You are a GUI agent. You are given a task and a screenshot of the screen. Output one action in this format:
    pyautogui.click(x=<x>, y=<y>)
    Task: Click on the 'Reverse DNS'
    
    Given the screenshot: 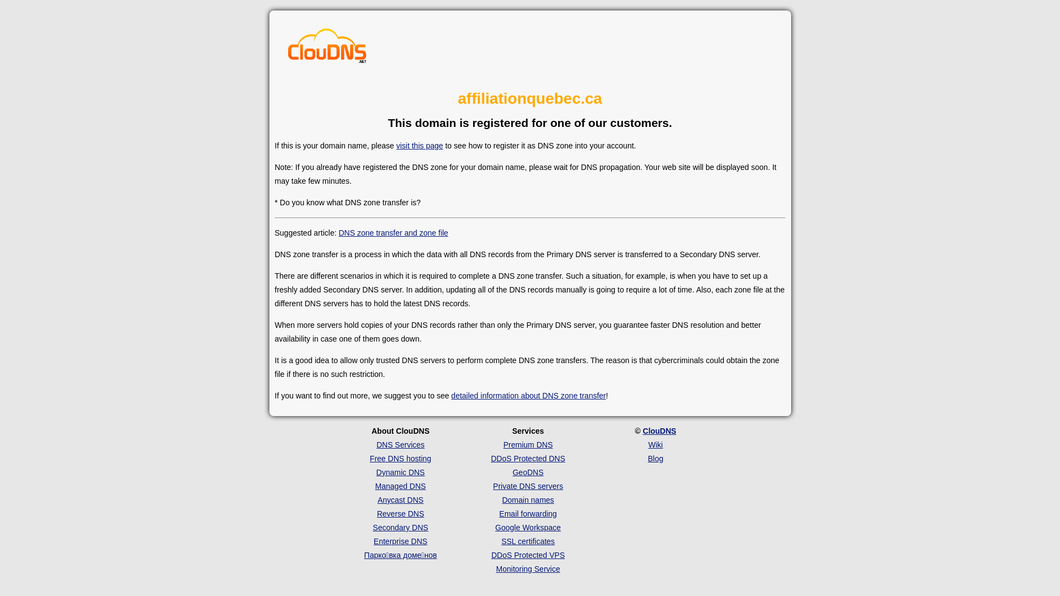 What is the action you would take?
    pyautogui.click(x=400, y=513)
    